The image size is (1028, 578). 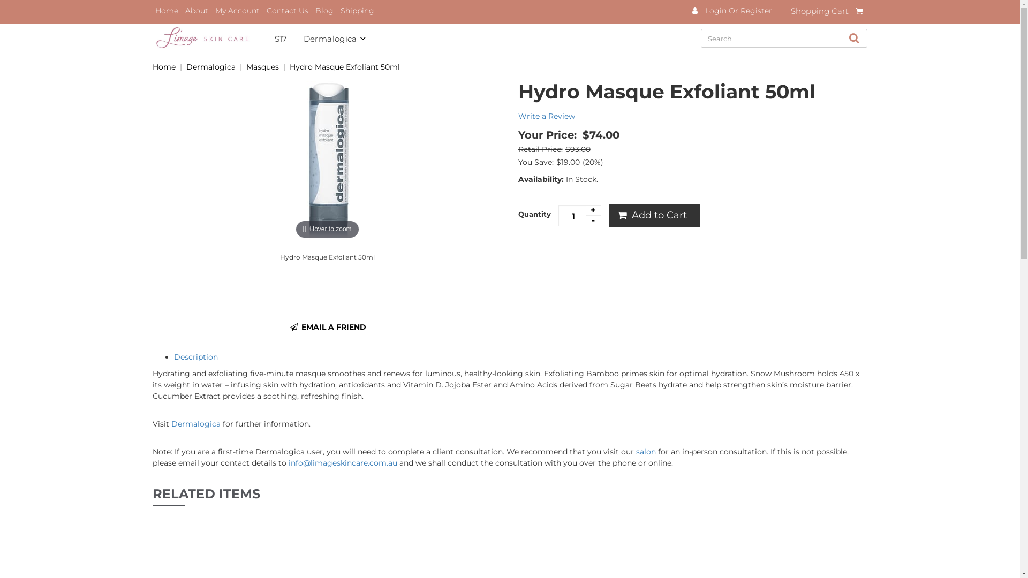 What do you see at coordinates (195, 423) in the screenshot?
I see `'Dermalogica'` at bounding box center [195, 423].